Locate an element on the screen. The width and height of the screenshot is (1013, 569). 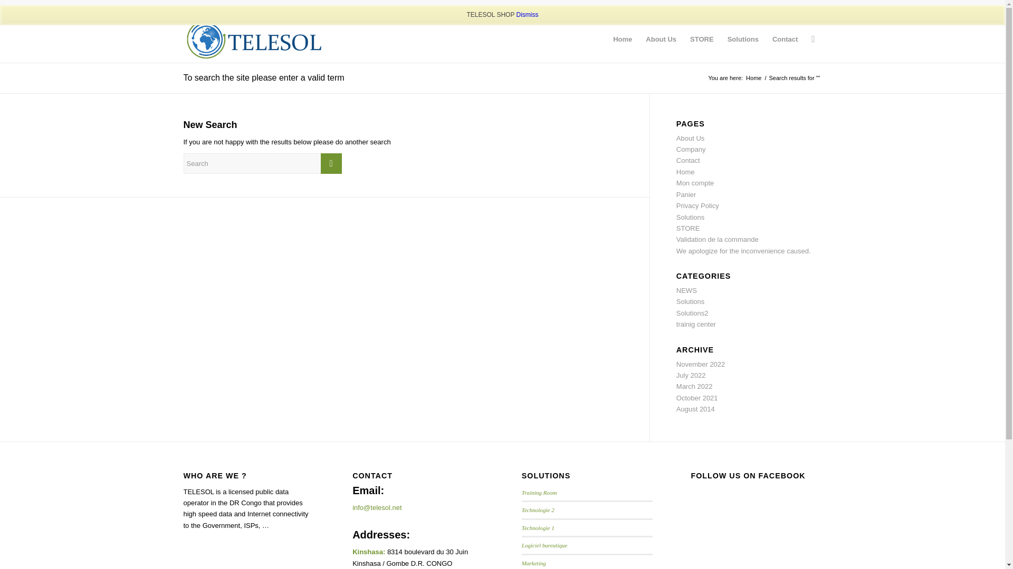
'Mon compte' is located at coordinates (695, 182).